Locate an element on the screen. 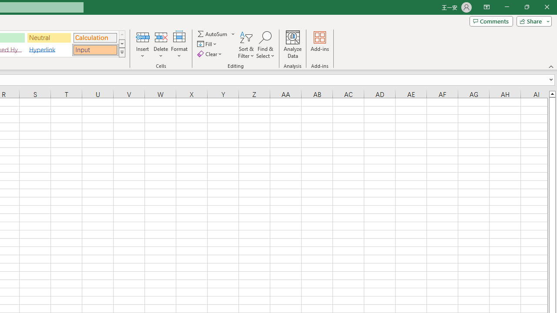 The width and height of the screenshot is (557, 313). 'Fill' is located at coordinates (208, 44).